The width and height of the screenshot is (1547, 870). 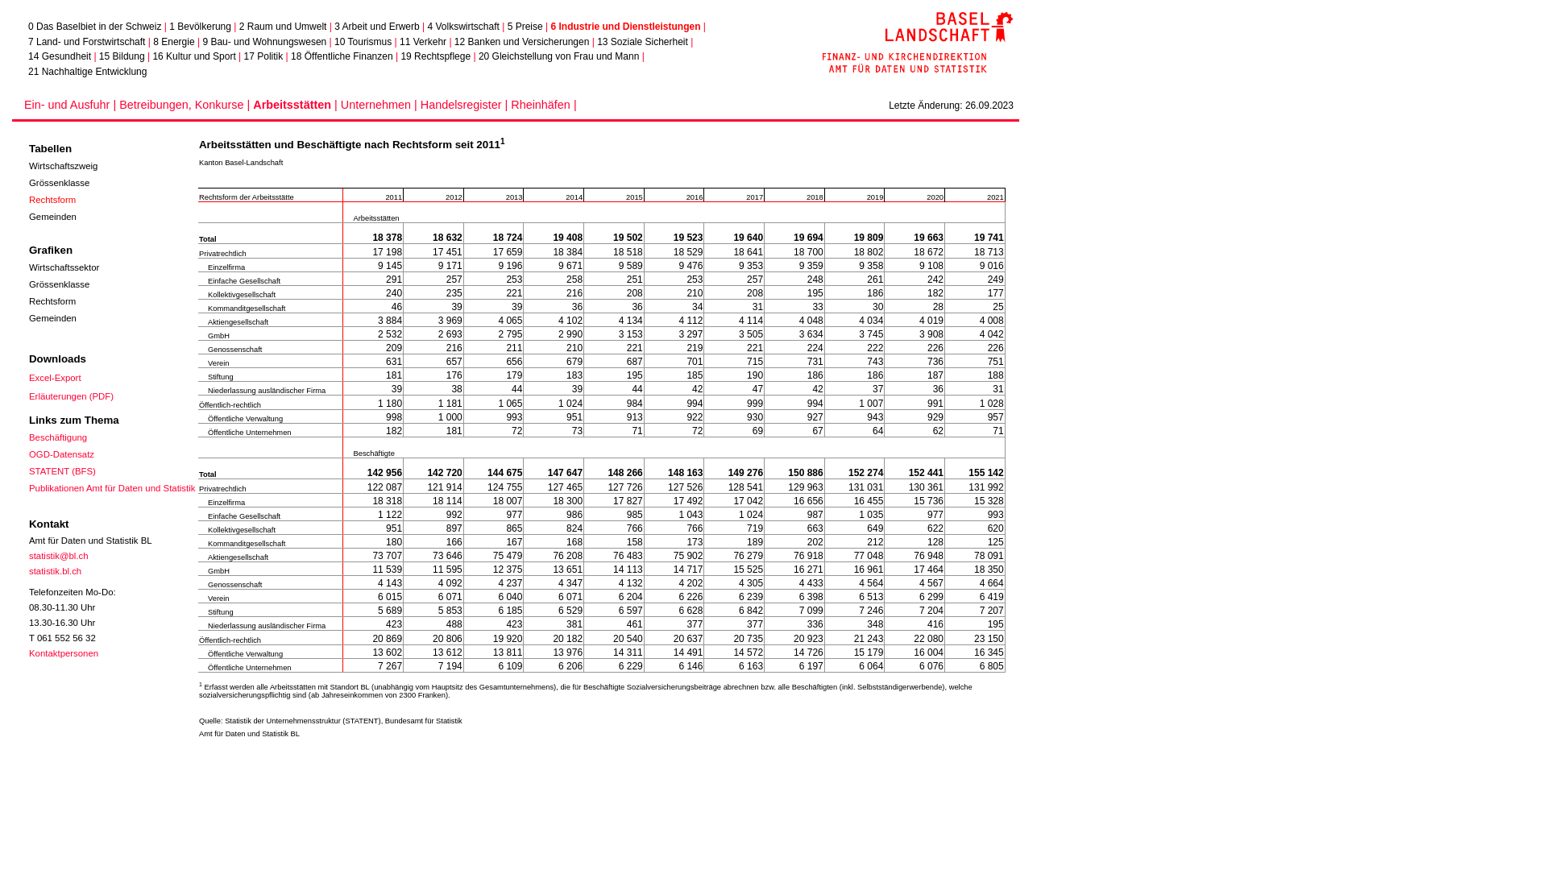 What do you see at coordinates (62, 473) in the screenshot?
I see `'STATENT (BFS)'` at bounding box center [62, 473].